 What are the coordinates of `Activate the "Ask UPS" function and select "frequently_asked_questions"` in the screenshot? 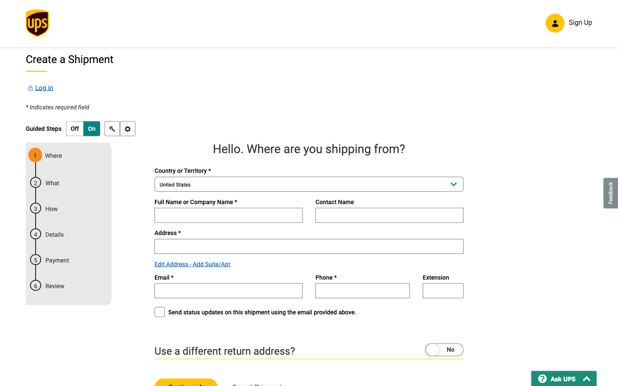 It's located at (564, 378).